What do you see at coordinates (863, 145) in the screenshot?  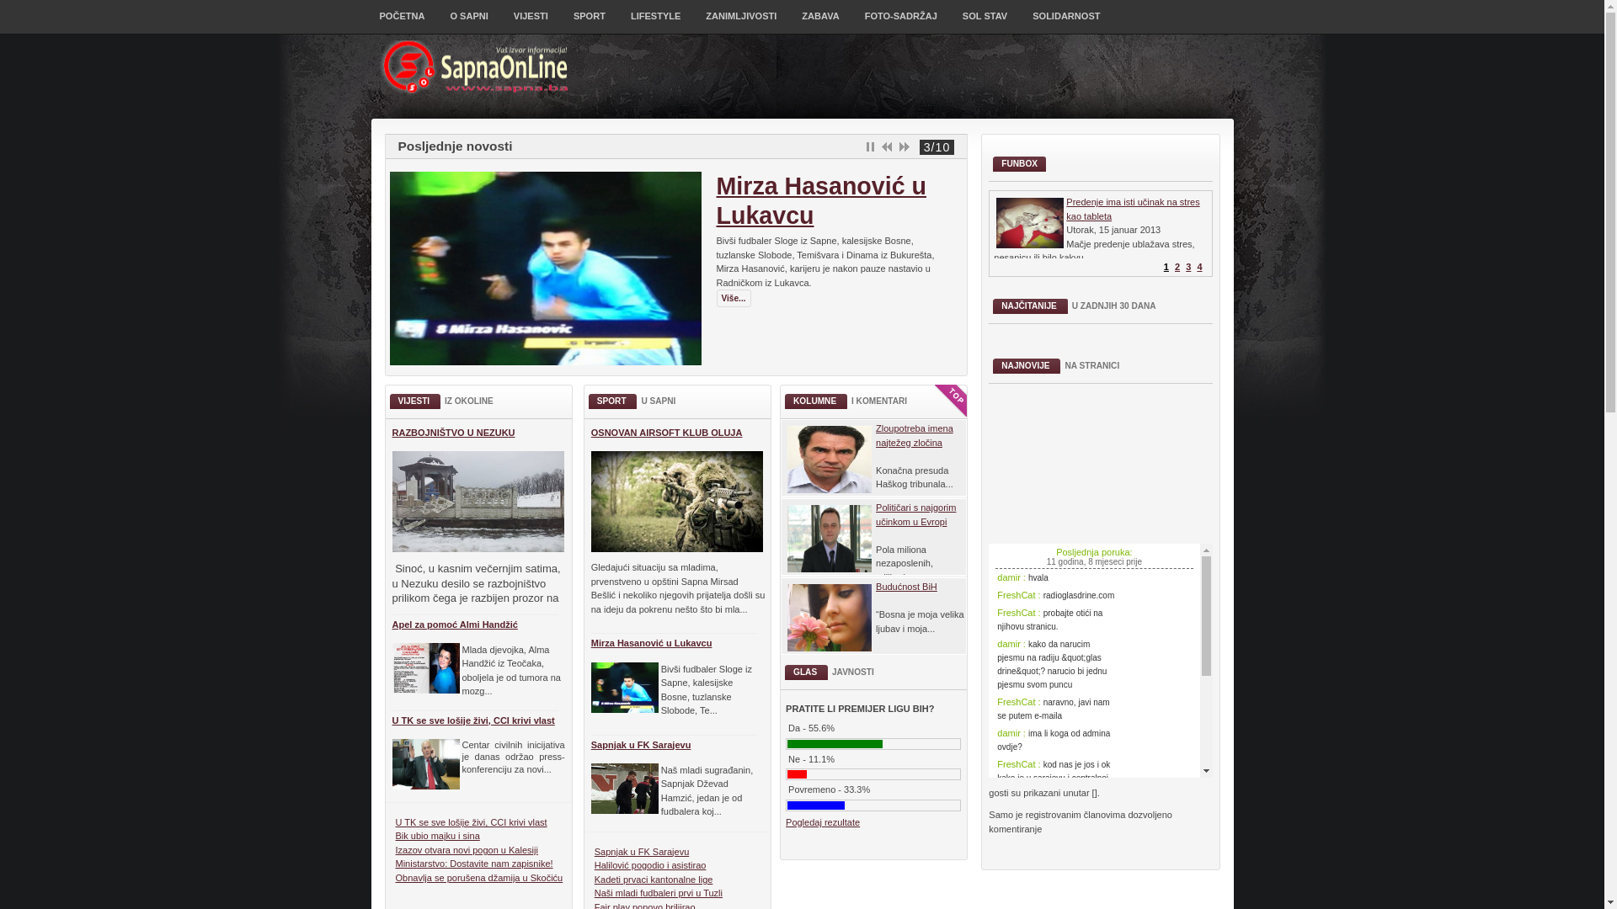 I see `'Pause'` at bounding box center [863, 145].